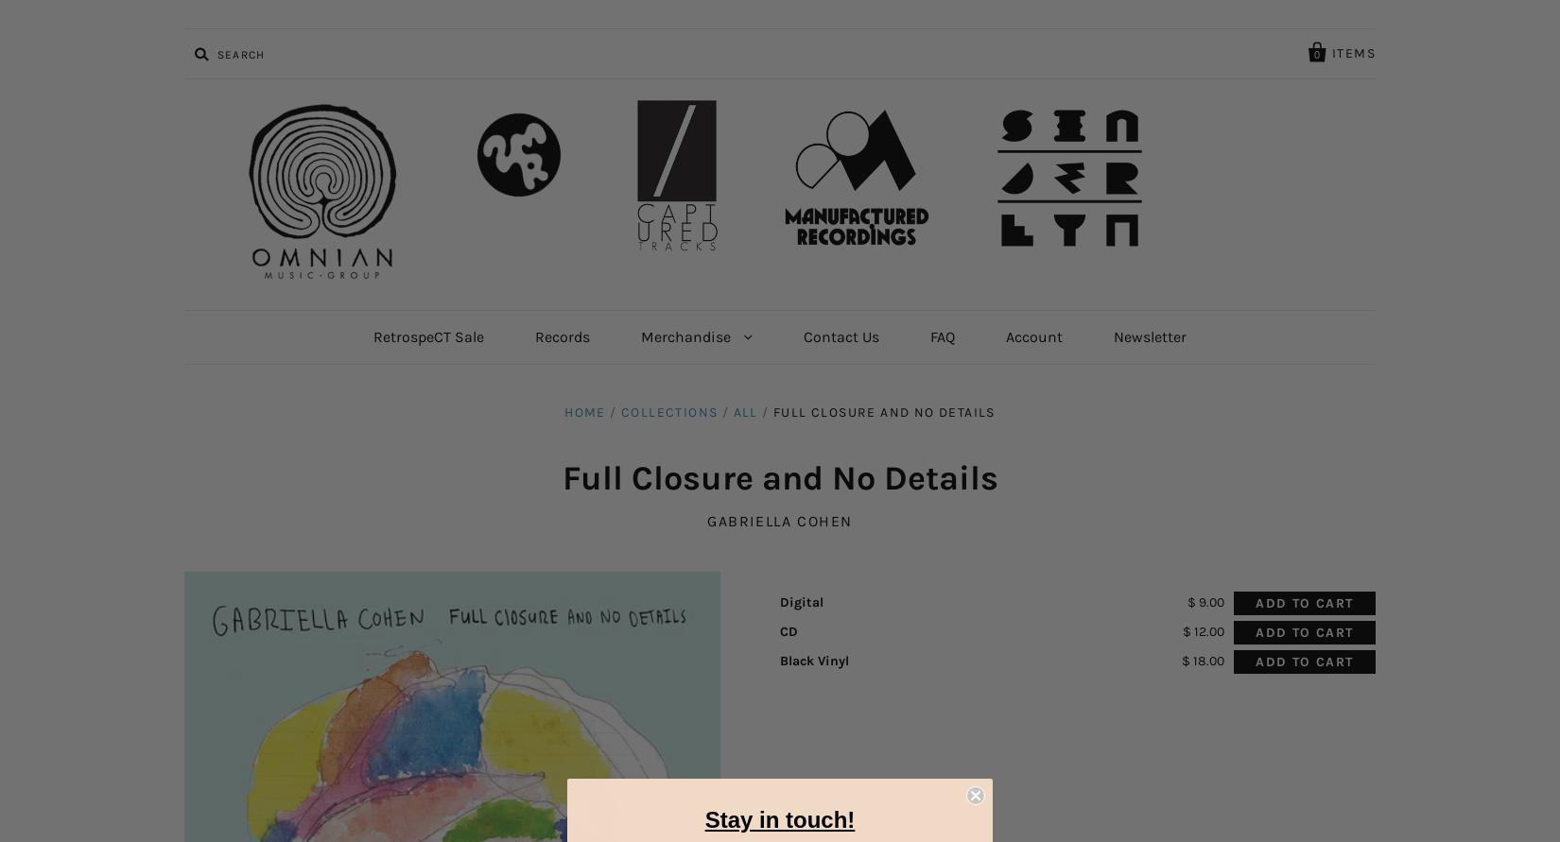 Image resolution: width=1560 pixels, height=842 pixels. Describe the element at coordinates (533, 335) in the screenshot. I see `'Records'` at that location.